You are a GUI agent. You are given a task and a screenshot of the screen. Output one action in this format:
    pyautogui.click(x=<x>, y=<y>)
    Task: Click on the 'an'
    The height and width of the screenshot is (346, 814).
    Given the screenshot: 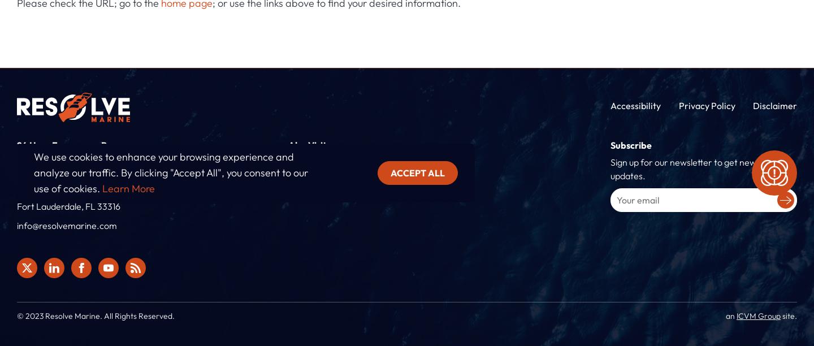 What is the action you would take?
    pyautogui.click(x=731, y=315)
    